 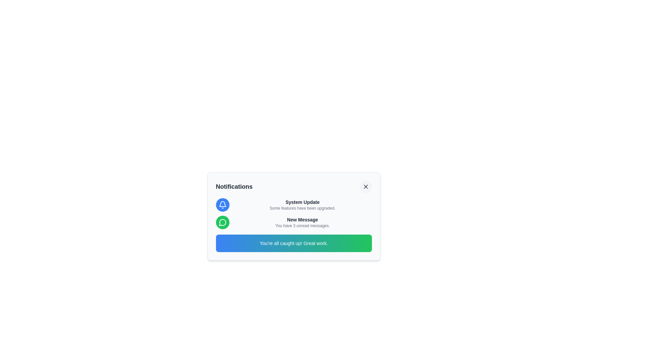 I want to click on the circular green chat bubble icon located in the lower-left part of the notification panel, below the title 'New Message', so click(x=222, y=222).